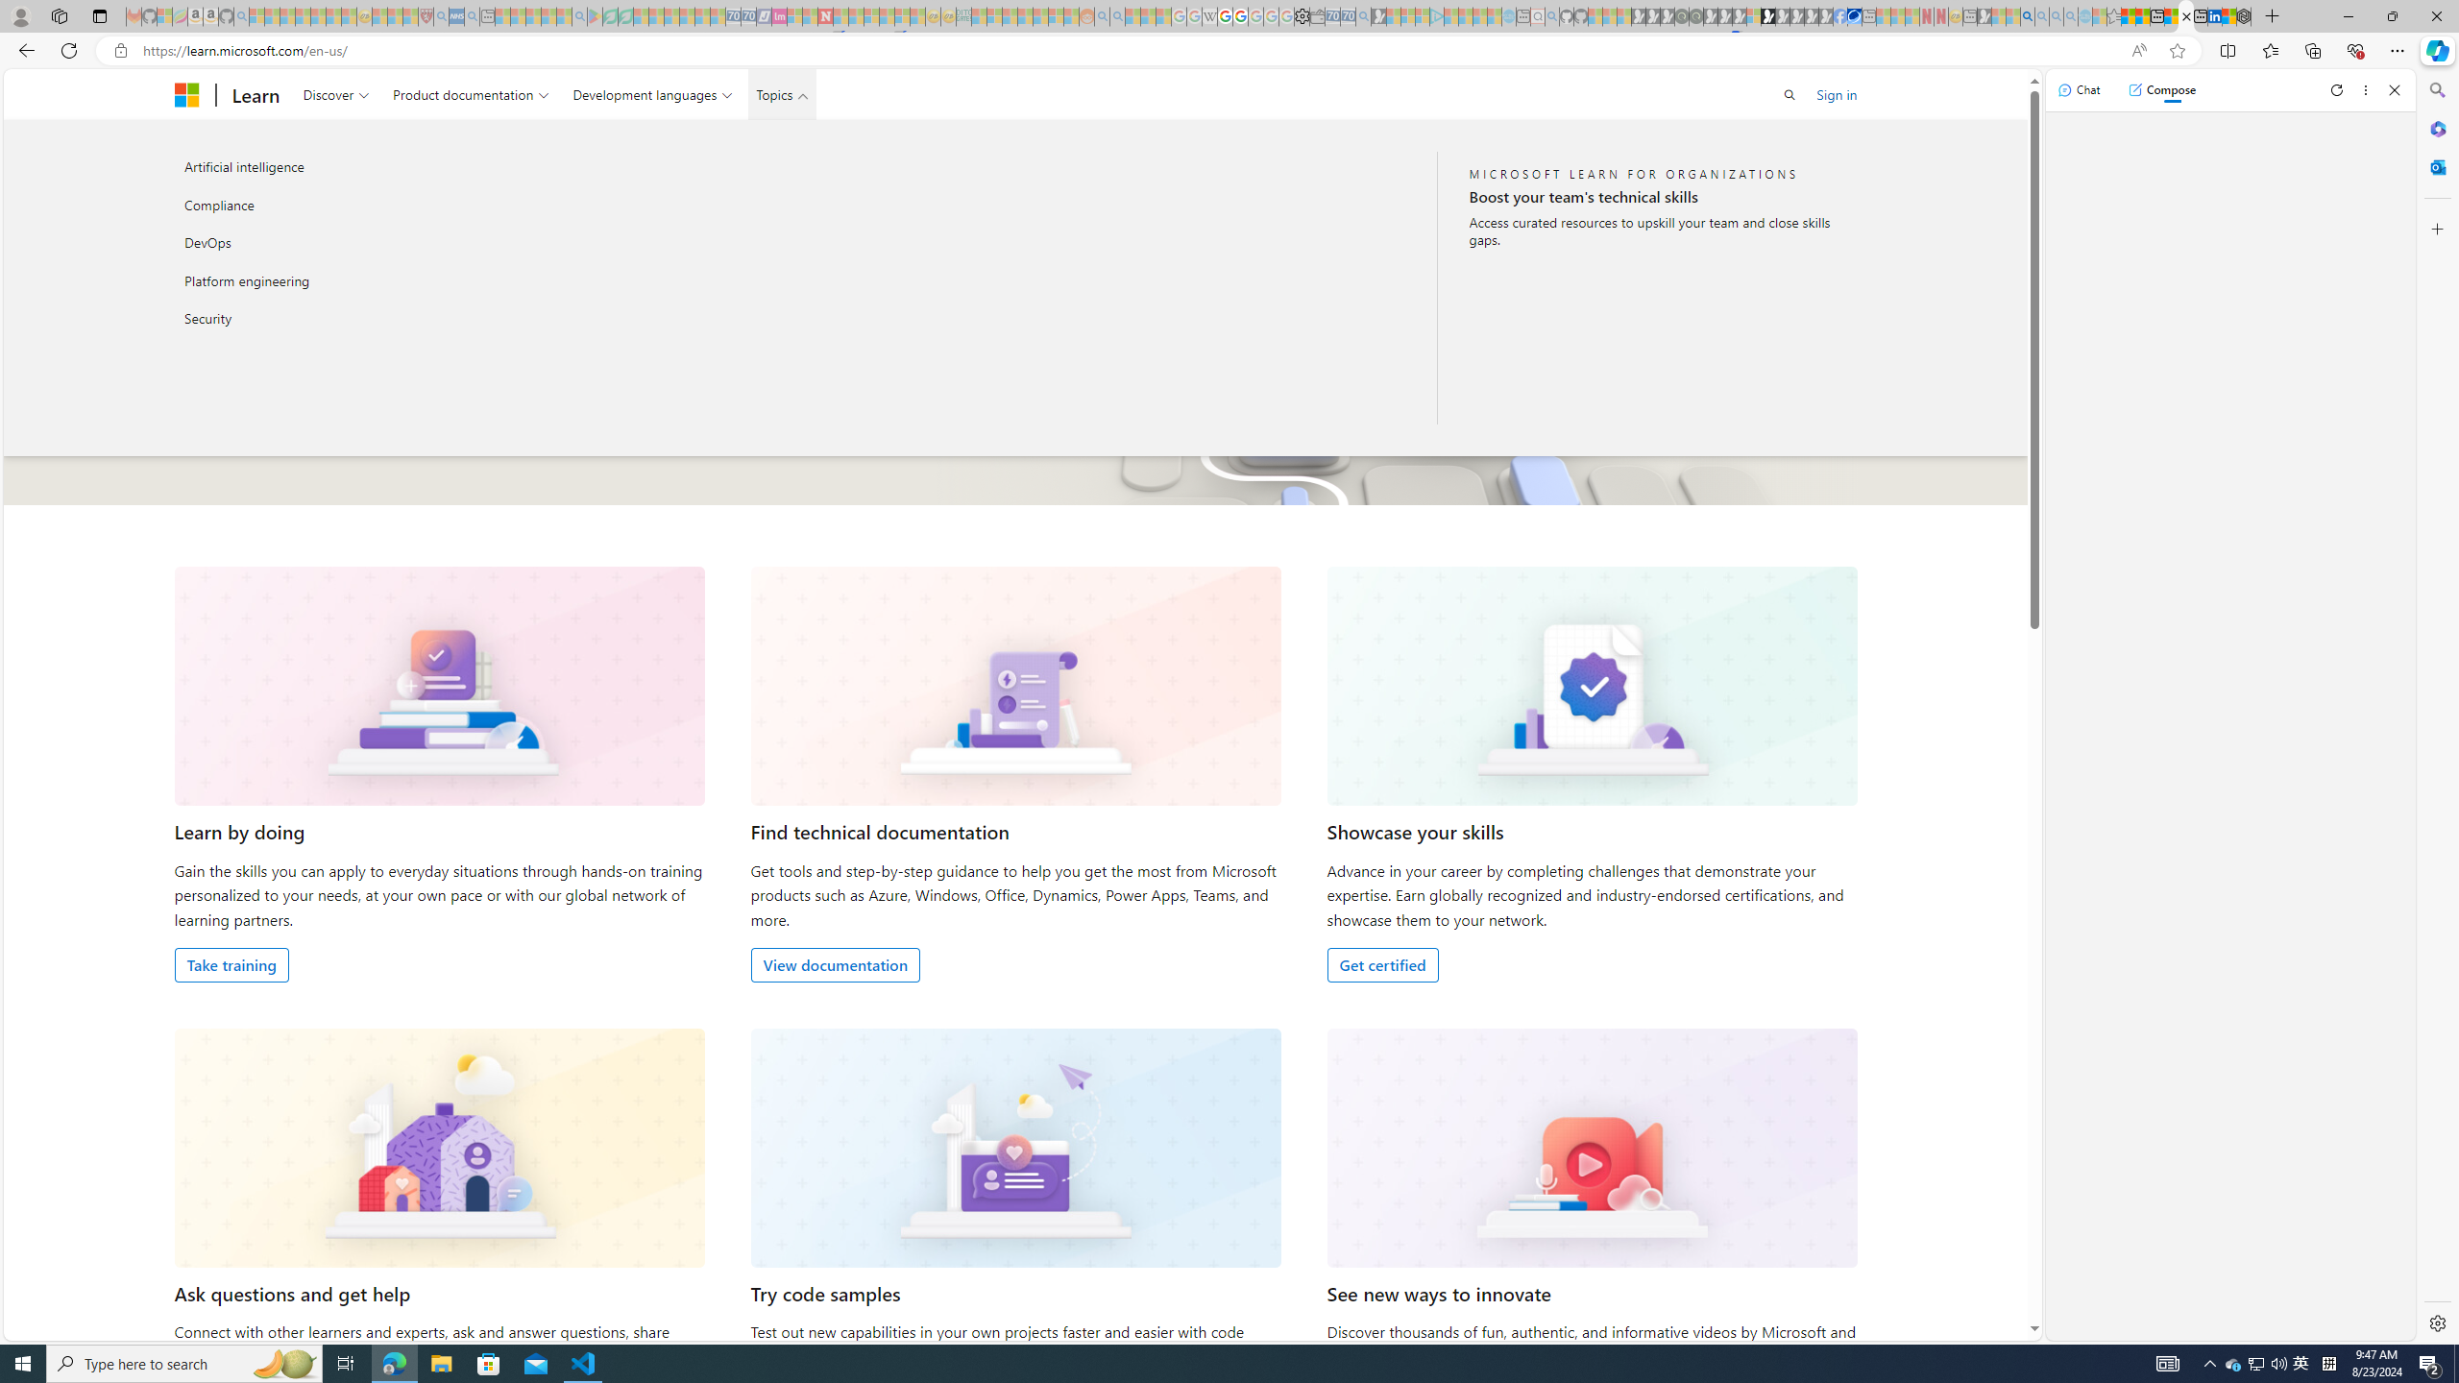 Image resolution: width=2459 pixels, height=1383 pixels. Describe the element at coordinates (1653, 195) in the screenshot. I see `'Boost your team'` at that location.